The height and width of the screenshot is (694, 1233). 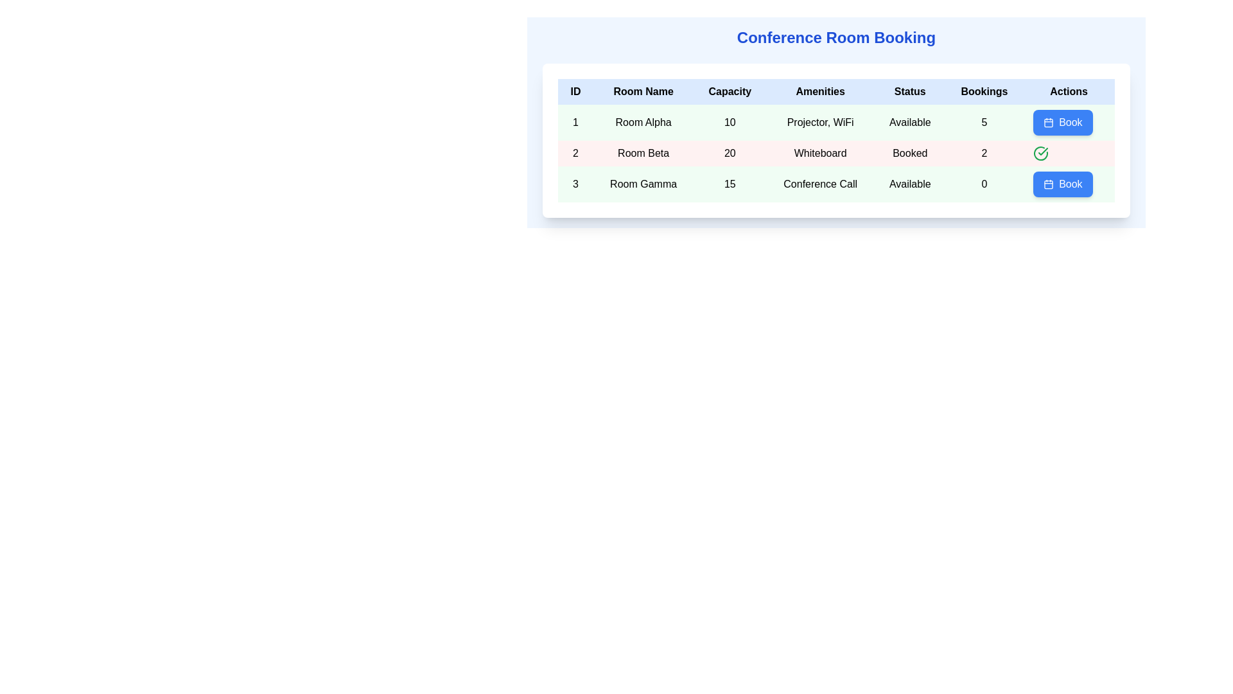 I want to click on the 'Status' label in the header row of the Conference Room Booking table, which is displayed in a bold, dark font on a light blue background, so click(x=909, y=91).